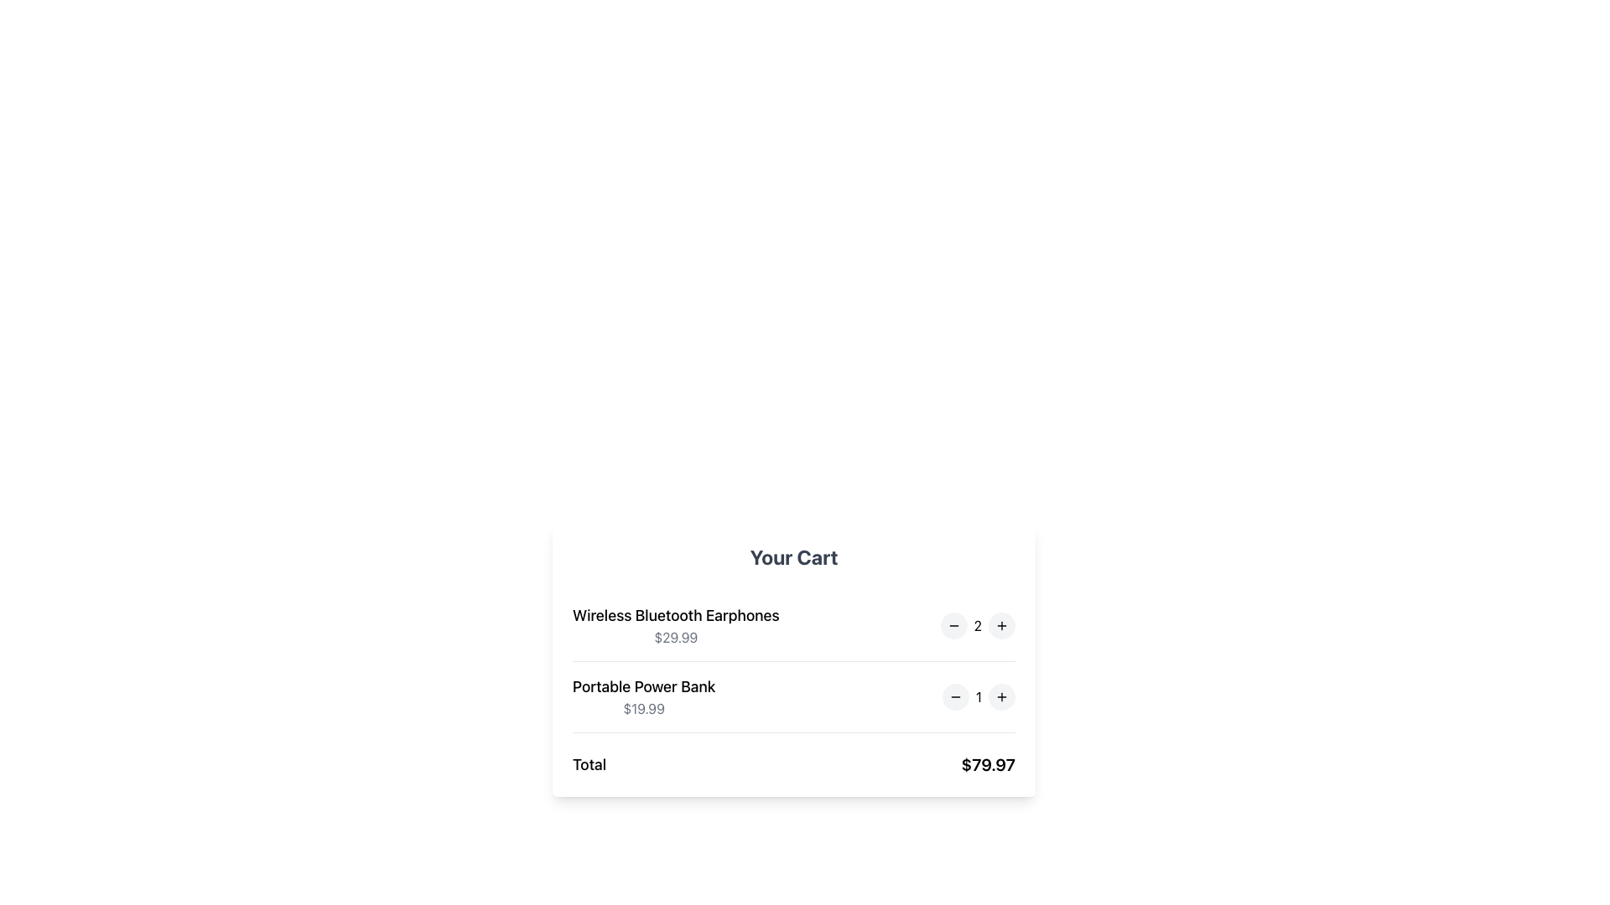 The width and height of the screenshot is (1610, 905). What do you see at coordinates (1002, 697) in the screenshot?
I see `the circular button with a plus sign icon, which is the second button in a horizontal group of interactive buttons` at bounding box center [1002, 697].